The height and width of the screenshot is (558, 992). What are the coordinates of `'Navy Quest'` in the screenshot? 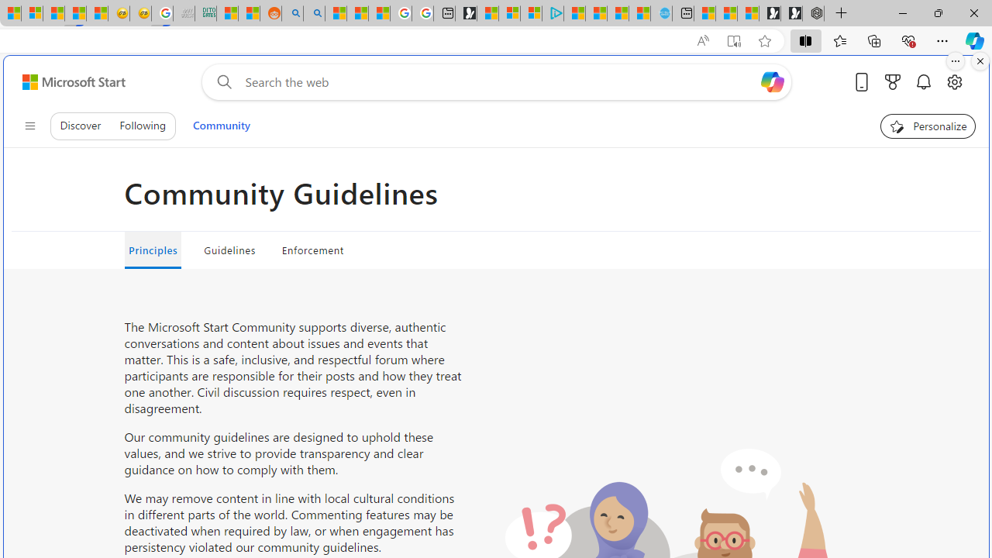 It's located at (184, 13).